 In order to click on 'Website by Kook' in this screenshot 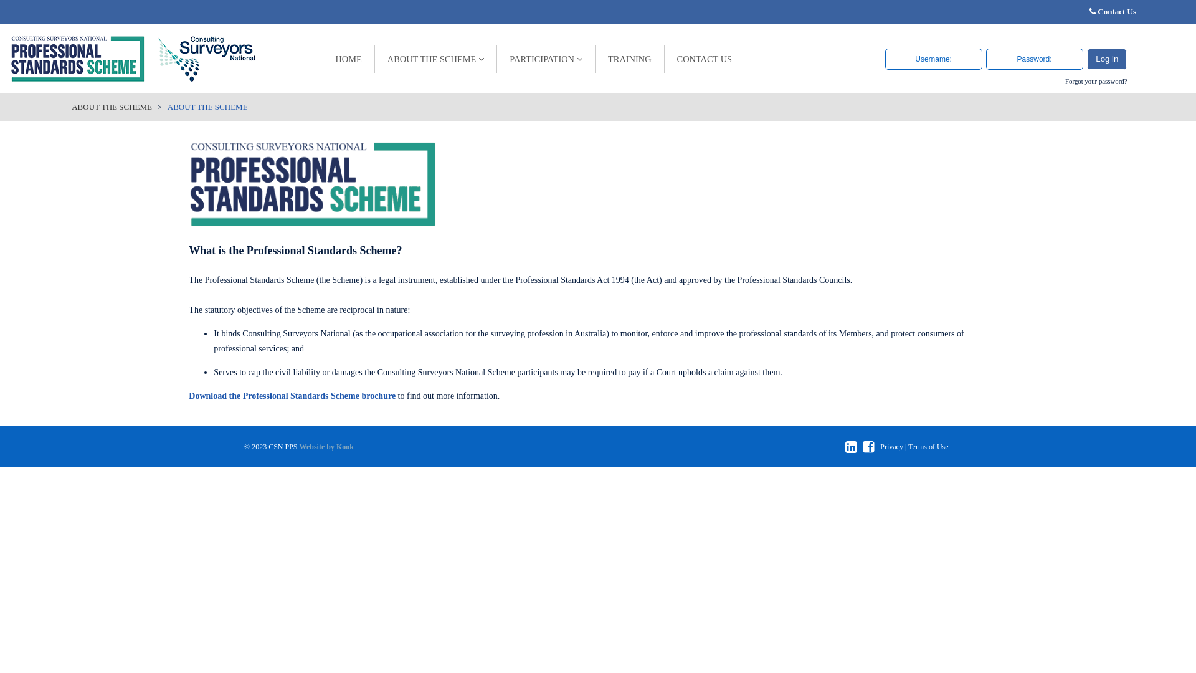, I will do `click(326, 446)`.